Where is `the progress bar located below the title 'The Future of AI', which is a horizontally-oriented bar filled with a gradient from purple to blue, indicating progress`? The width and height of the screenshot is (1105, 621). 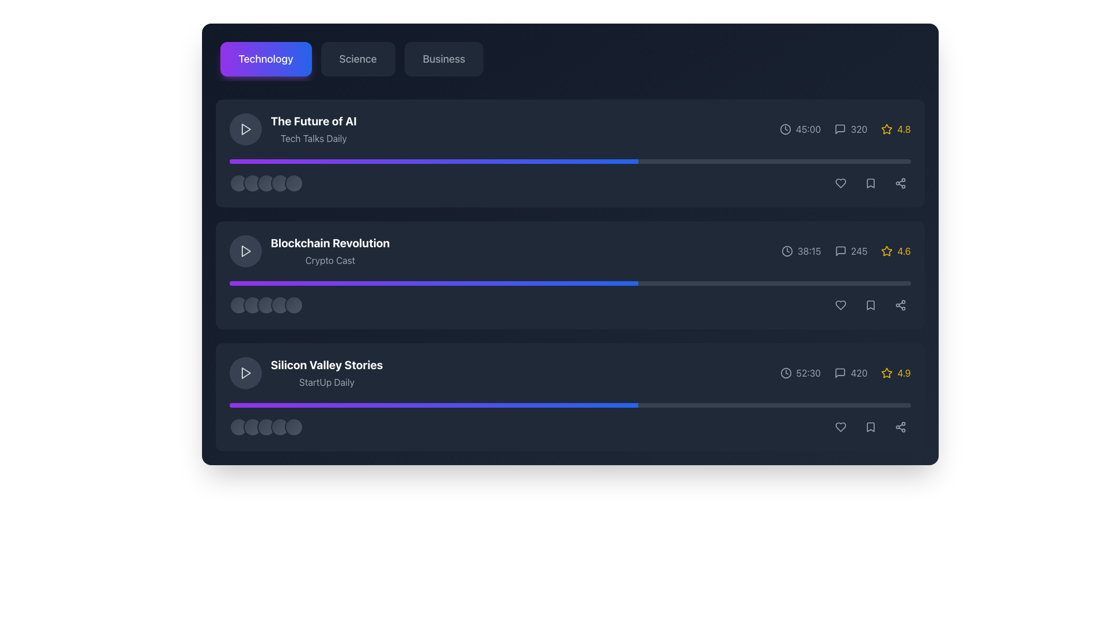
the progress bar located below the title 'The Future of AI', which is a horizontally-oriented bar filled with a gradient from purple to blue, indicating progress is located at coordinates (433, 162).